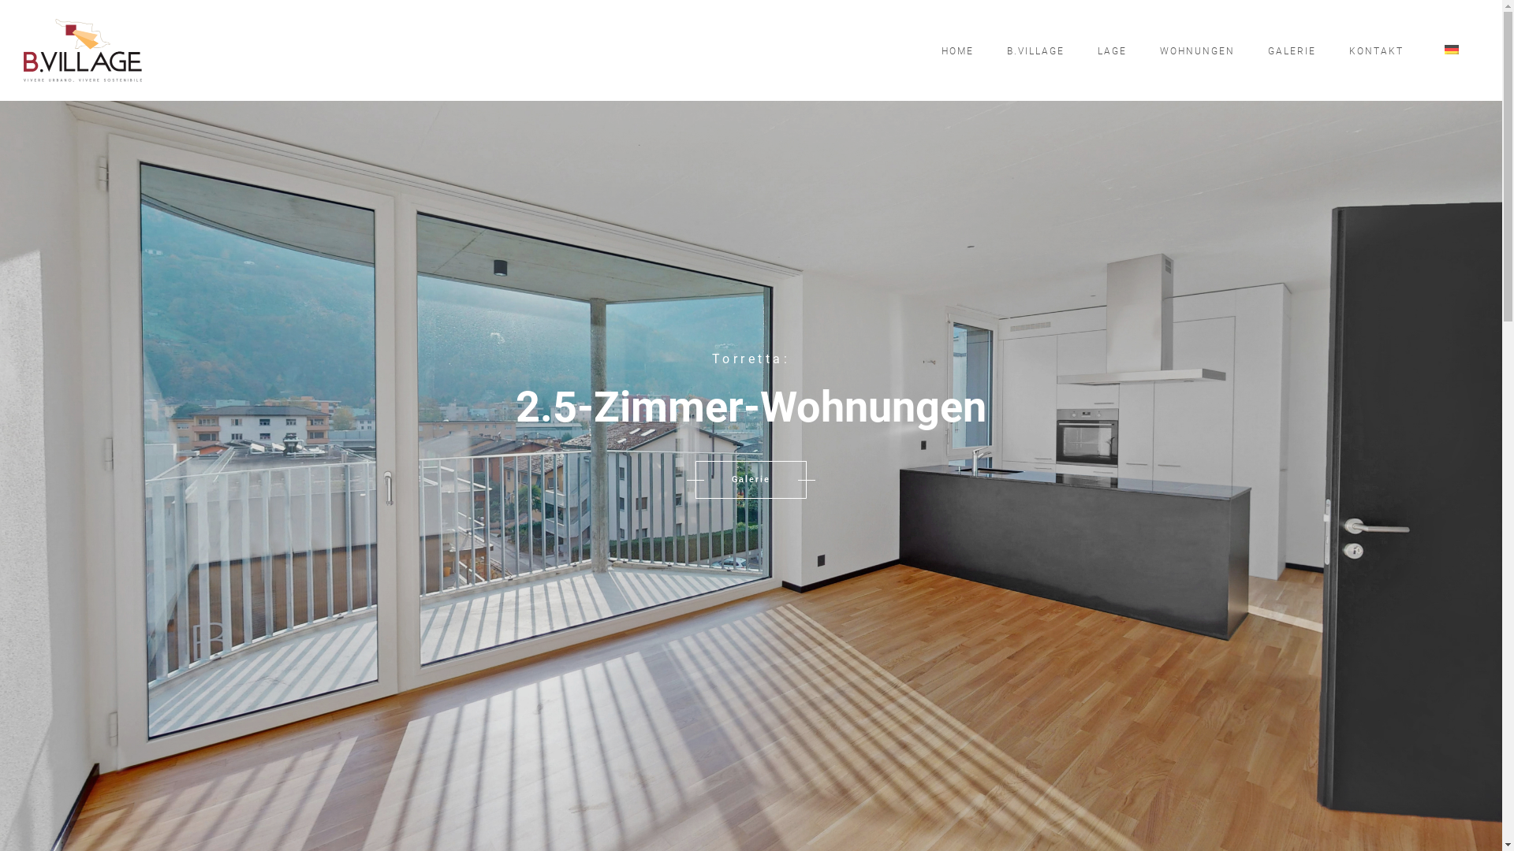 This screenshot has width=1514, height=851. Describe the element at coordinates (1035, 50) in the screenshot. I see `'B.VILLAGE'` at that location.